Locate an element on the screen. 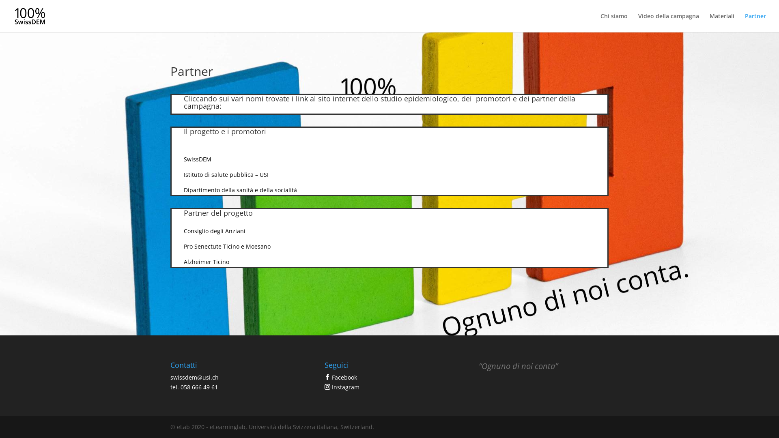 This screenshot has height=438, width=779. 'Instagram' is located at coordinates (342, 387).